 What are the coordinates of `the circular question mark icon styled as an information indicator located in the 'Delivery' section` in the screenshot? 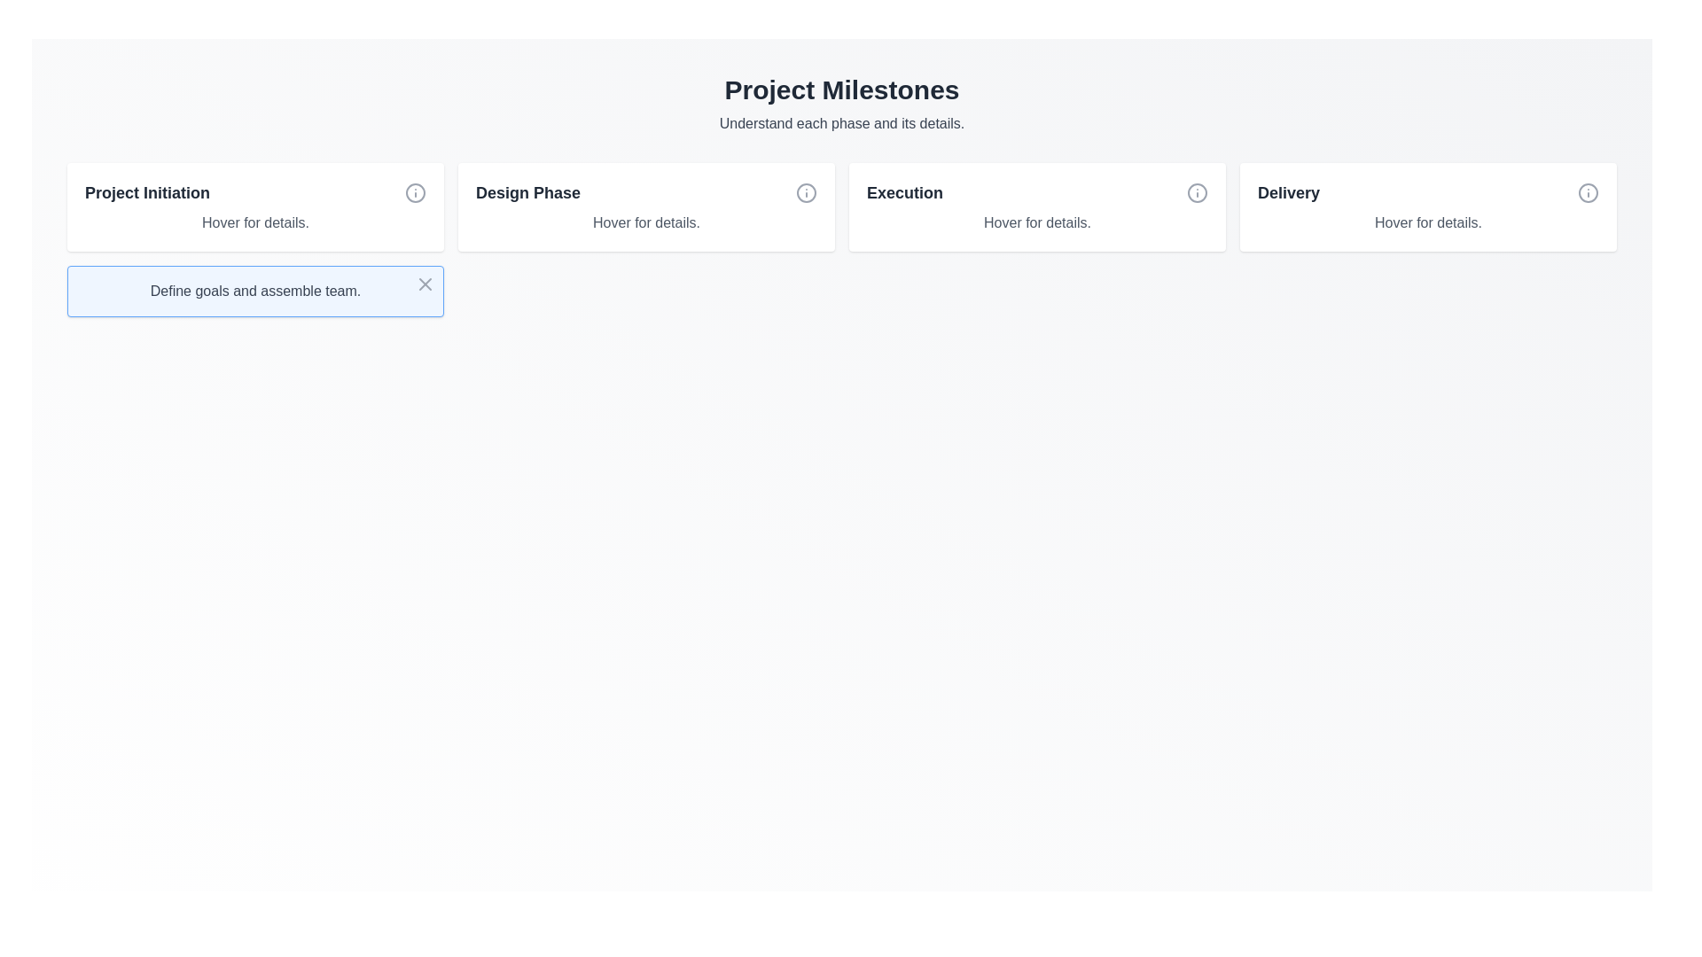 It's located at (1588, 193).